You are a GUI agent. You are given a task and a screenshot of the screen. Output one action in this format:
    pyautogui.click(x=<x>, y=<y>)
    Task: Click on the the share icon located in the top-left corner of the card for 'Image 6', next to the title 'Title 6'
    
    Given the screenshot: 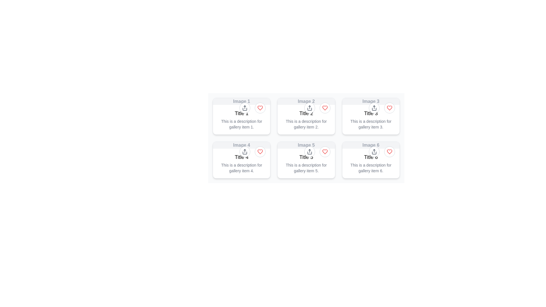 What is the action you would take?
    pyautogui.click(x=374, y=151)
    